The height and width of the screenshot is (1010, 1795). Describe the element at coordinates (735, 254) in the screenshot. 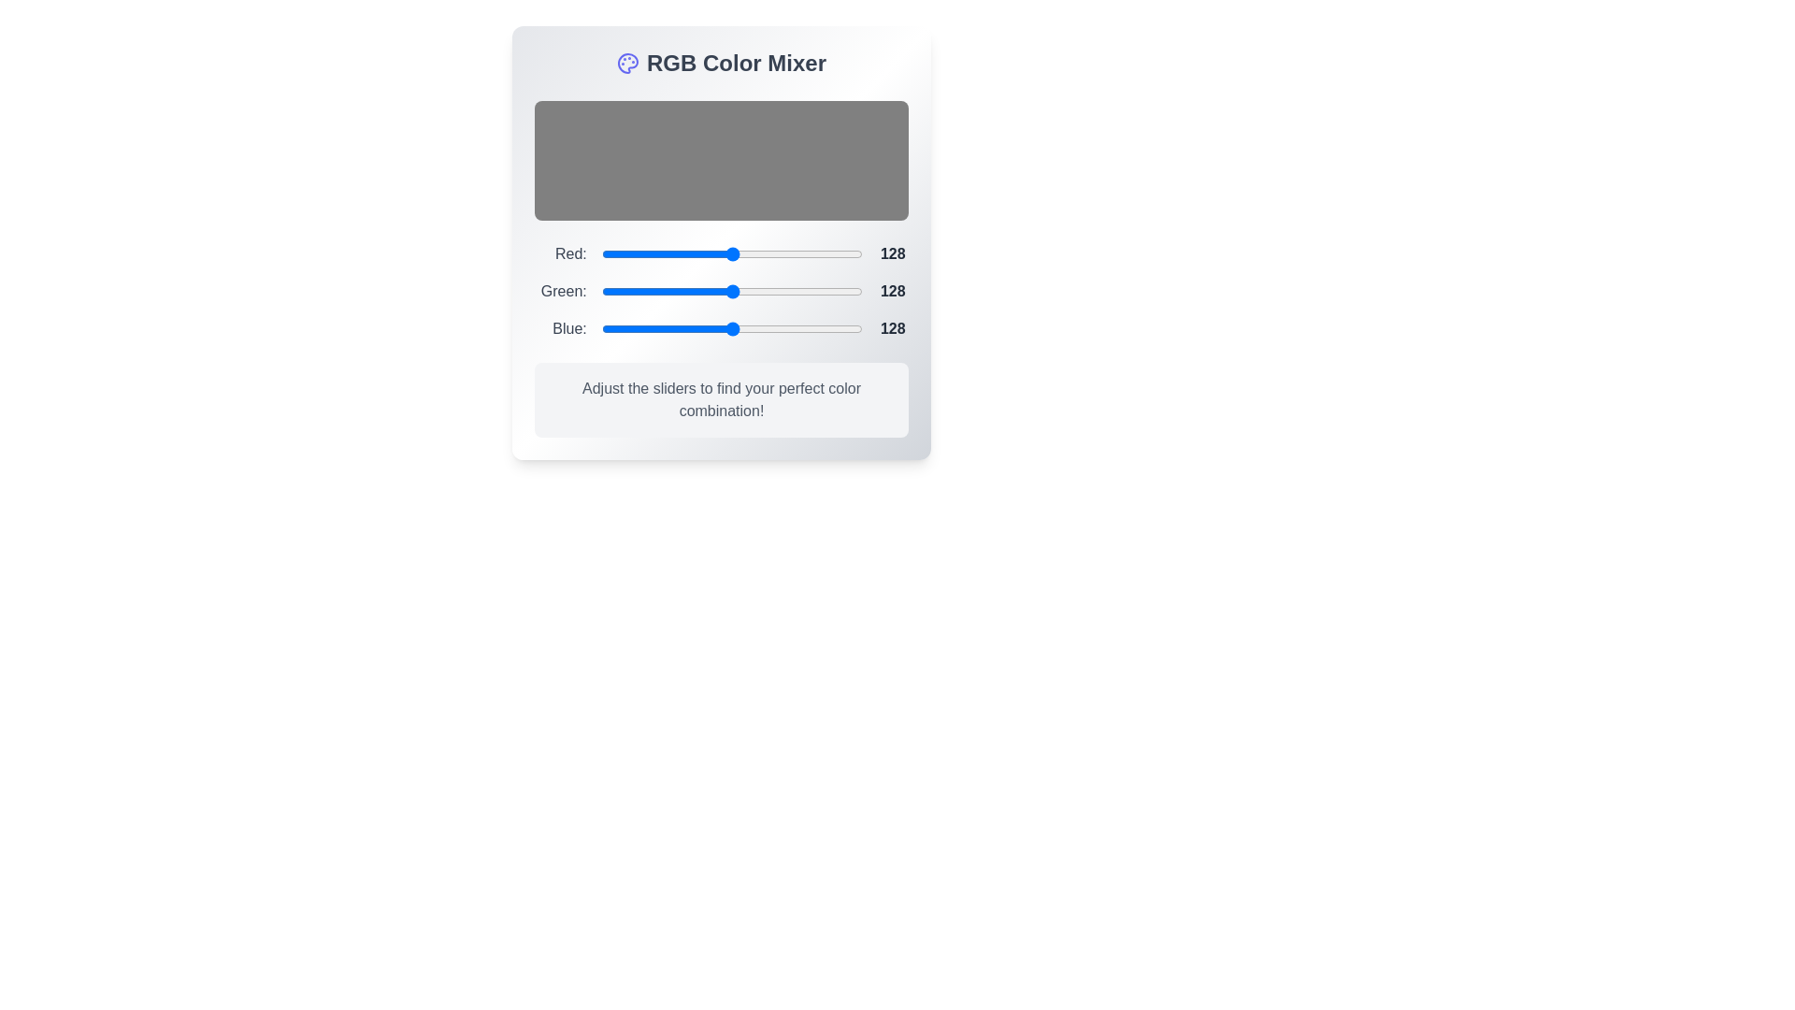

I see `the 0 slider to 132` at that location.